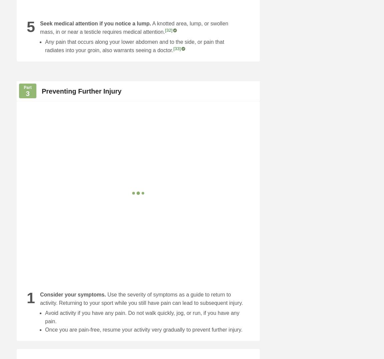 This screenshot has height=359, width=384. I want to click on 'Avoid activity if you have any pain. Do not walk quickly, jog, or run, if you have any pain.', so click(142, 317).